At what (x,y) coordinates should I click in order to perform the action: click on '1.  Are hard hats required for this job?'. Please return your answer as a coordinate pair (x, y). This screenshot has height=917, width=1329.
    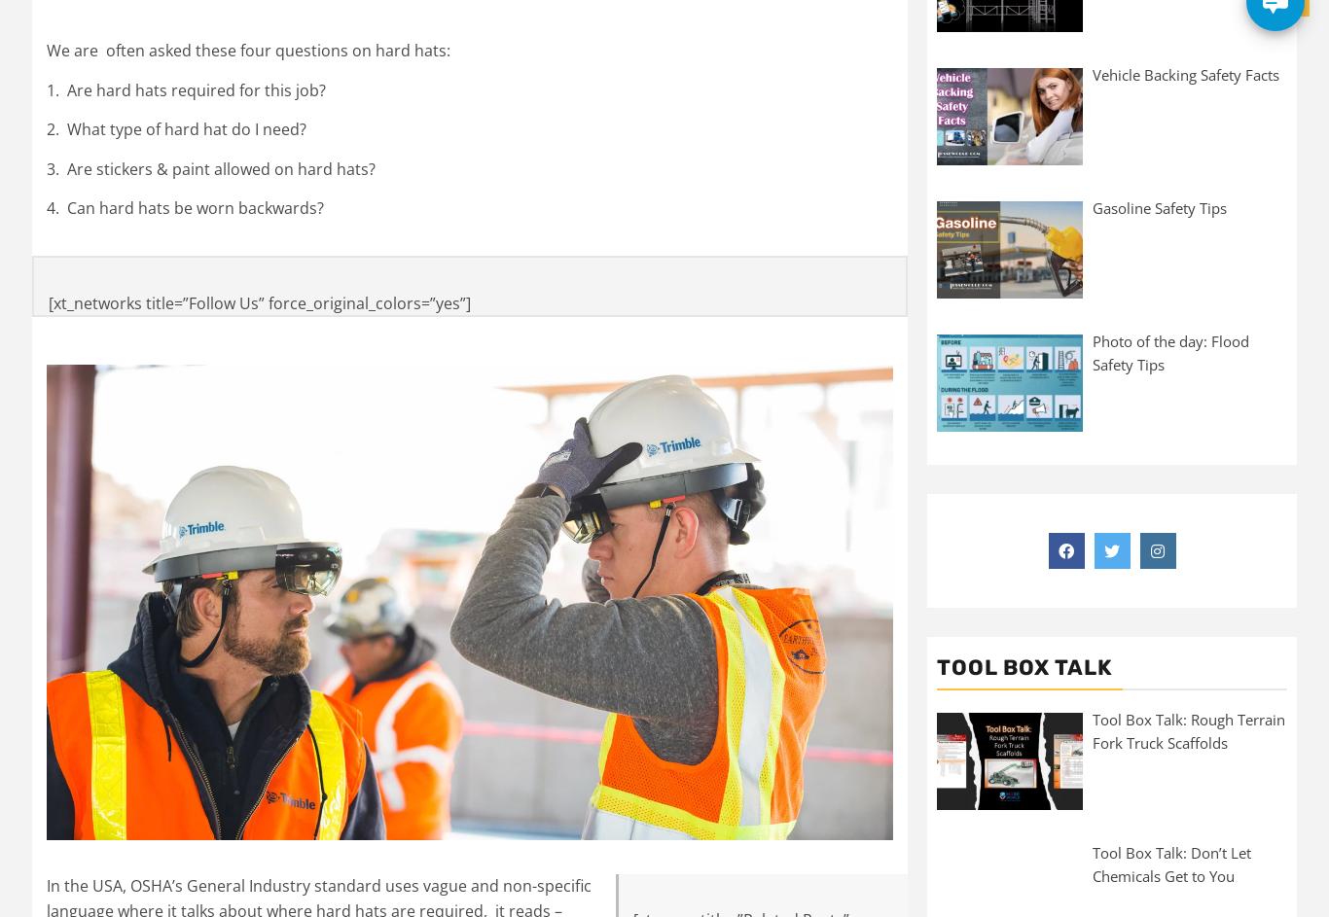
    Looking at the image, I should click on (185, 88).